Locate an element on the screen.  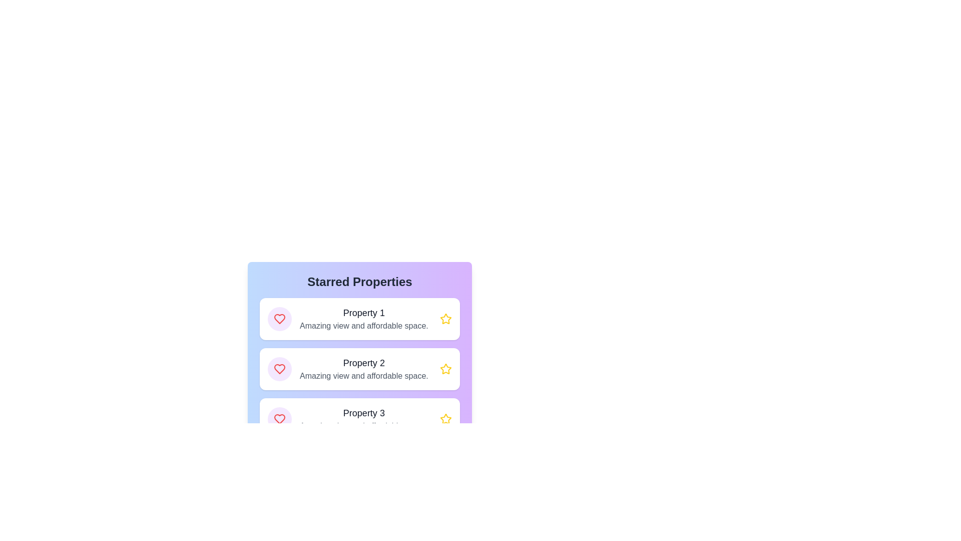
the star icon button located at the right end of the third list item labeled 'Property 3' under 'Starred Properties' is located at coordinates (445, 419).